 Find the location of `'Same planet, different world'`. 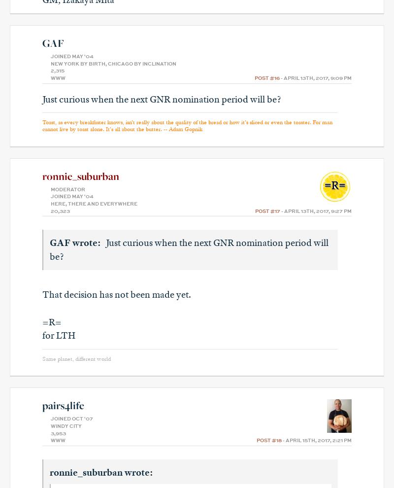

'Same planet, different world' is located at coordinates (76, 358).